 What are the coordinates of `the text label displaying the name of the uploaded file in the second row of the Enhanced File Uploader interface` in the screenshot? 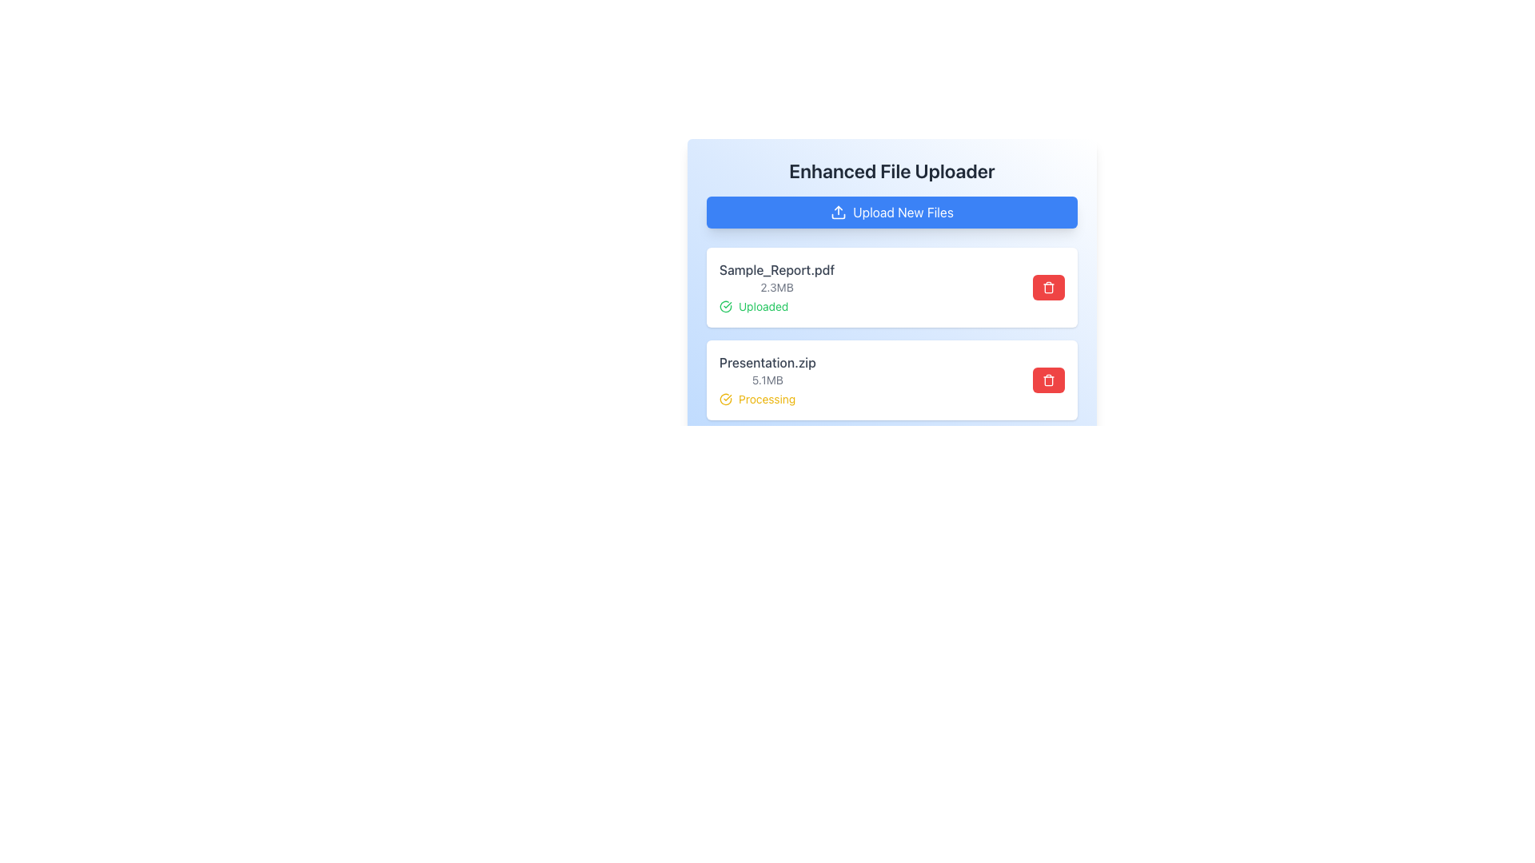 It's located at (767, 363).